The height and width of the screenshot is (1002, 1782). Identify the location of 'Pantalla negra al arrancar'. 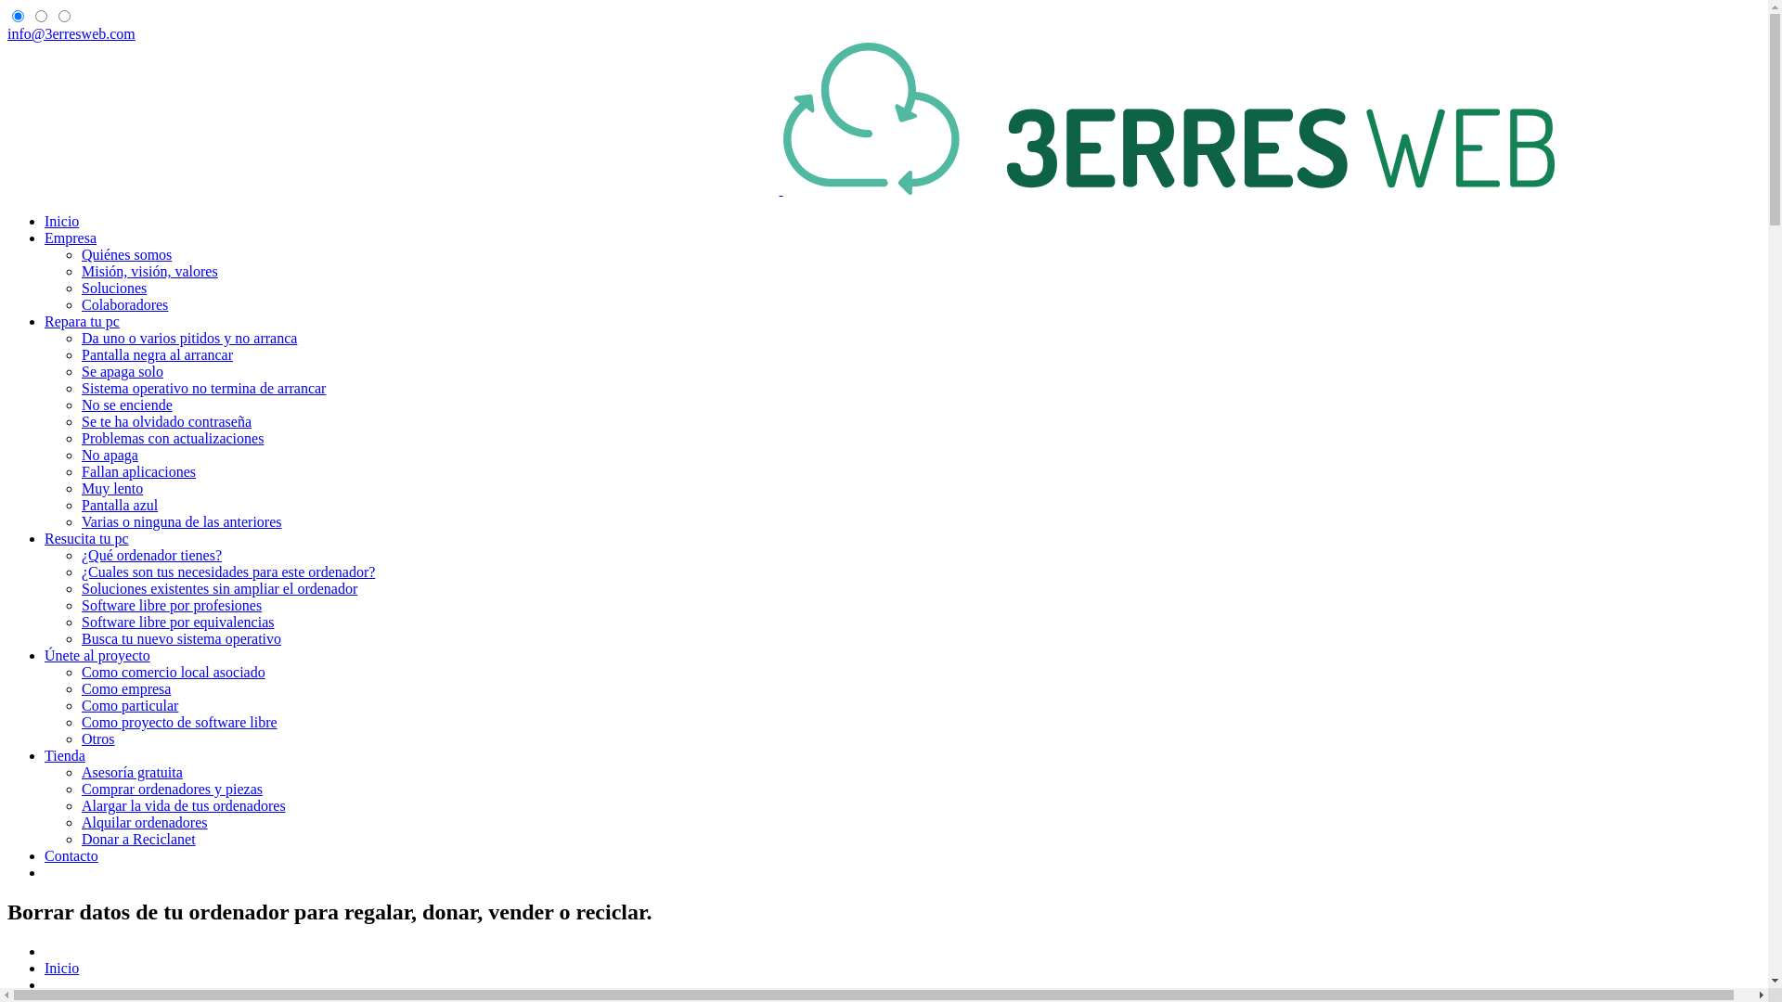
(157, 354).